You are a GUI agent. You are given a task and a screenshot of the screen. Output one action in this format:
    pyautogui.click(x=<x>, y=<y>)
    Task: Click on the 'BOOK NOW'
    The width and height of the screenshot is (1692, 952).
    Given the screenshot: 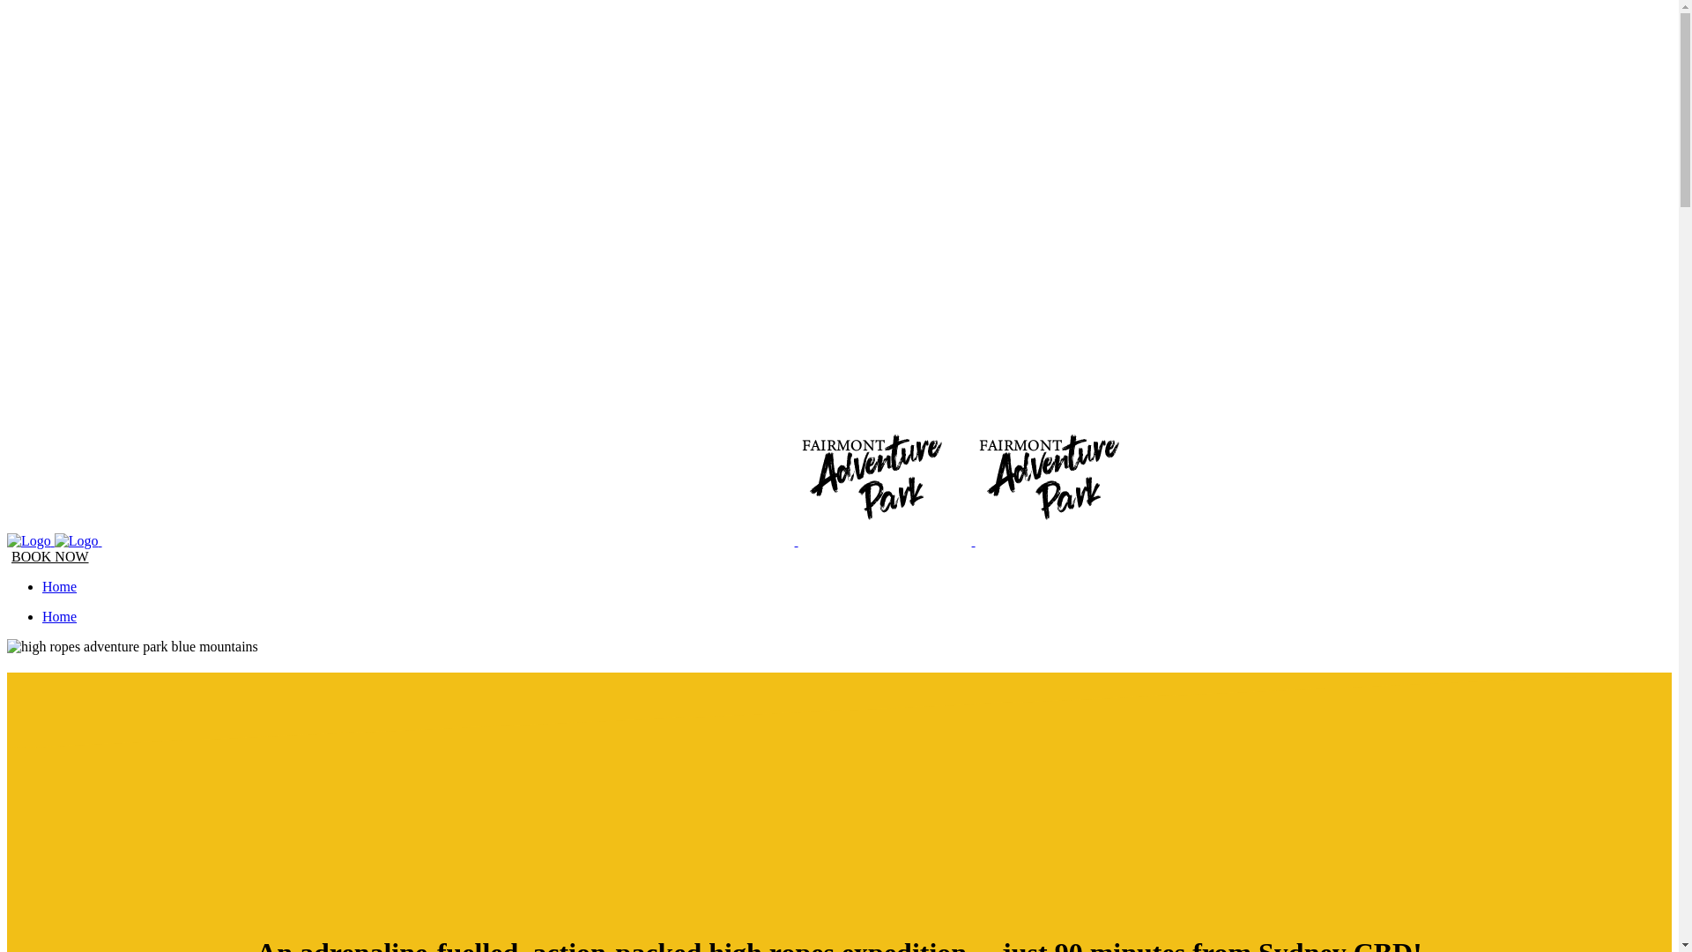 What is the action you would take?
    pyautogui.click(x=50, y=556)
    